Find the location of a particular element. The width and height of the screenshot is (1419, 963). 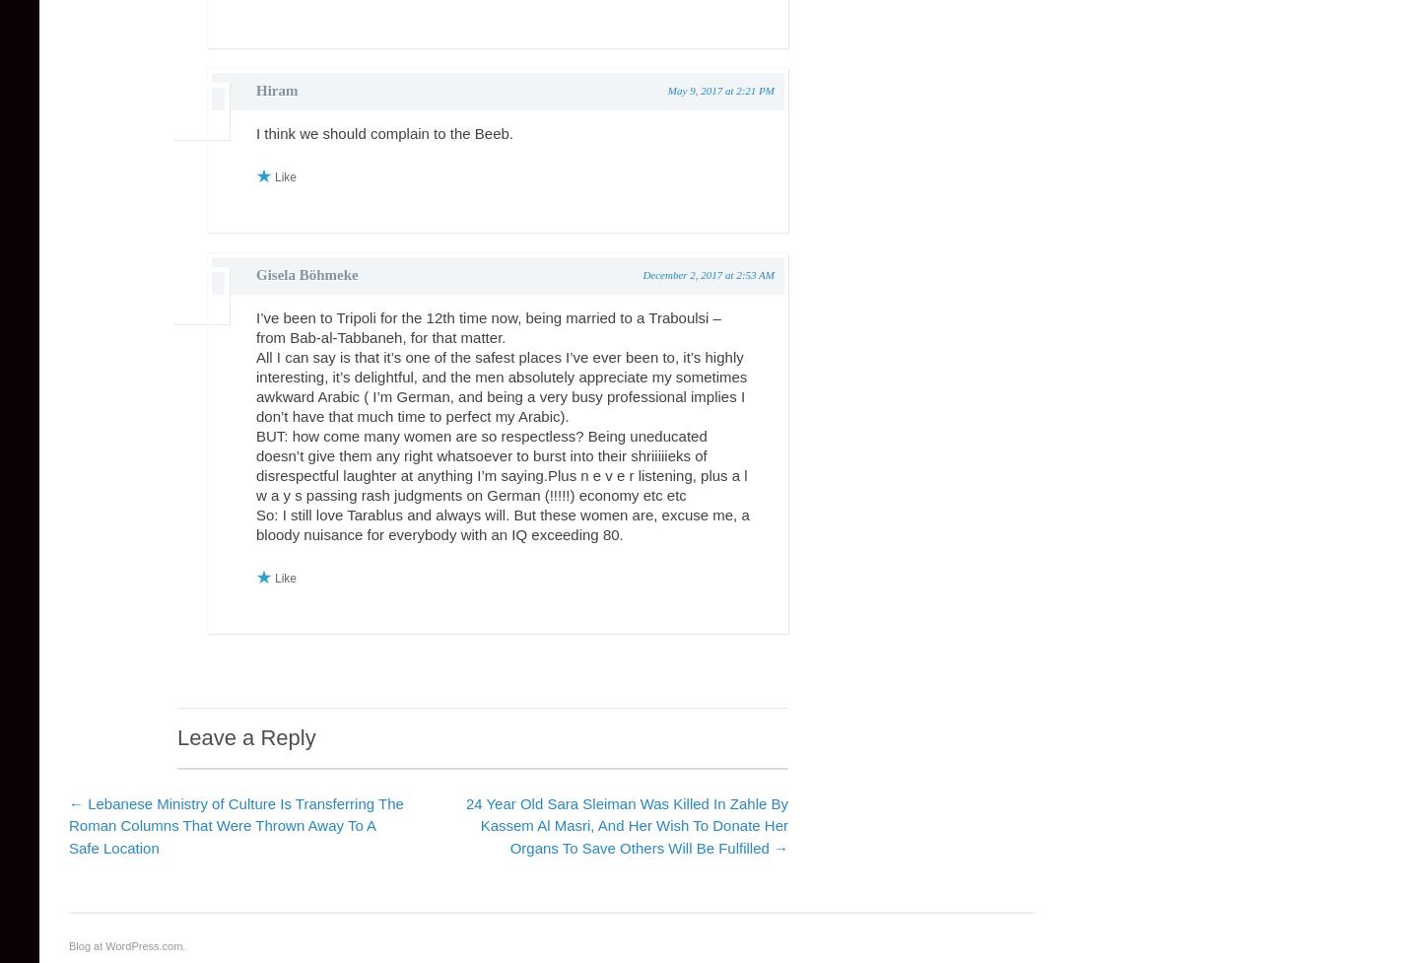

'Leave a Reply' is located at coordinates (244, 737).